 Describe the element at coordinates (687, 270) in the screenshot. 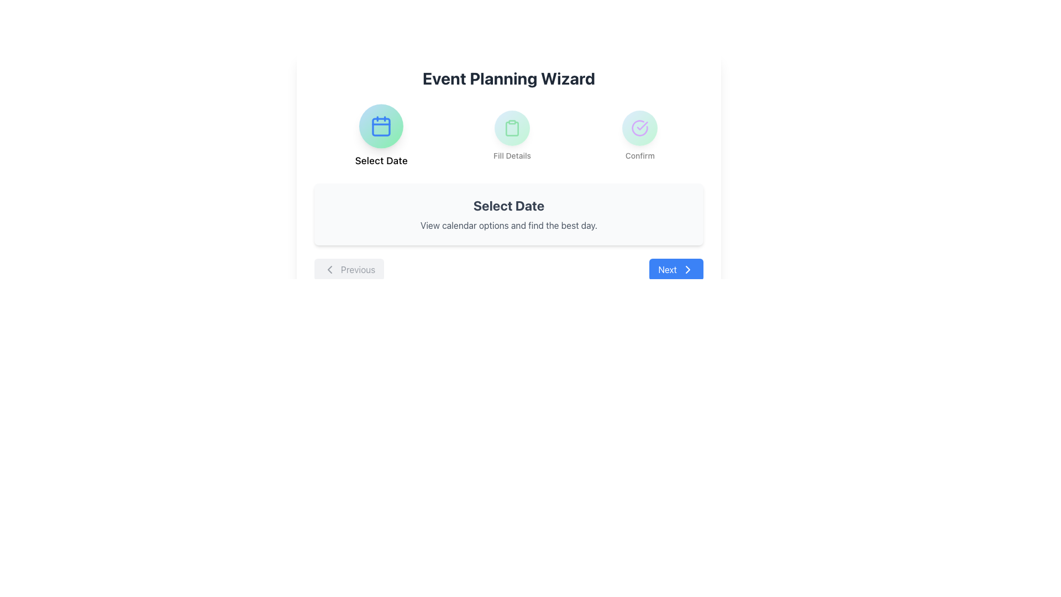

I see `the 'Next' button, which is represented by a right-facing chevron arrow SVG element located at the bottom right of the interface` at that location.